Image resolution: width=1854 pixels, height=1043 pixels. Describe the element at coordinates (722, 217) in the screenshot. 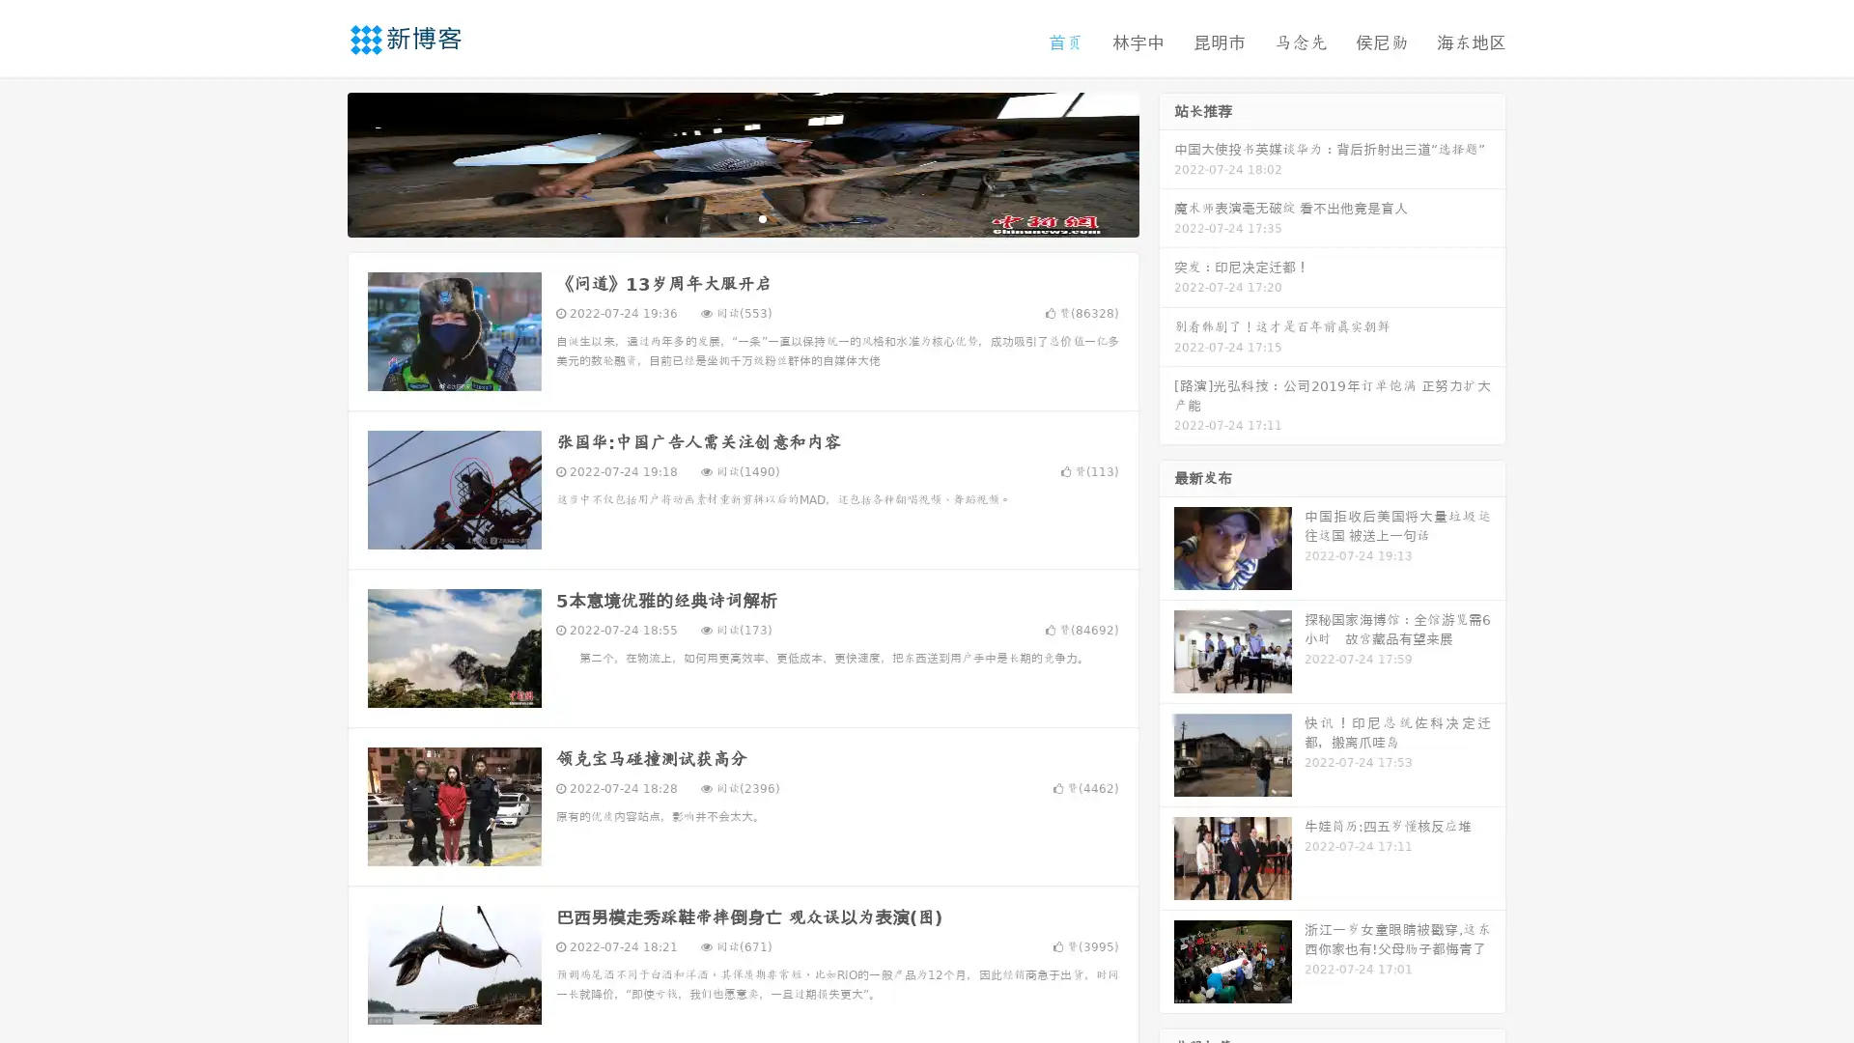

I see `Go to slide 1` at that location.